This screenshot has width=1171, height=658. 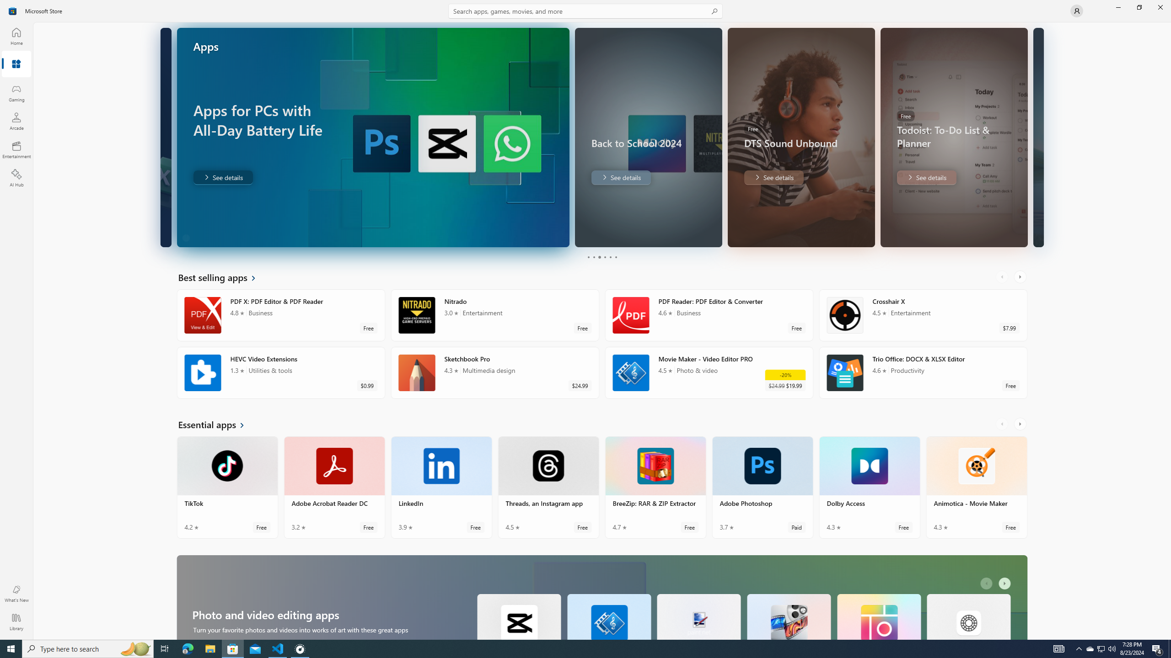 What do you see at coordinates (1037, 137) in the screenshot?
I see `'AutomationID: Image'` at bounding box center [1037, 137].